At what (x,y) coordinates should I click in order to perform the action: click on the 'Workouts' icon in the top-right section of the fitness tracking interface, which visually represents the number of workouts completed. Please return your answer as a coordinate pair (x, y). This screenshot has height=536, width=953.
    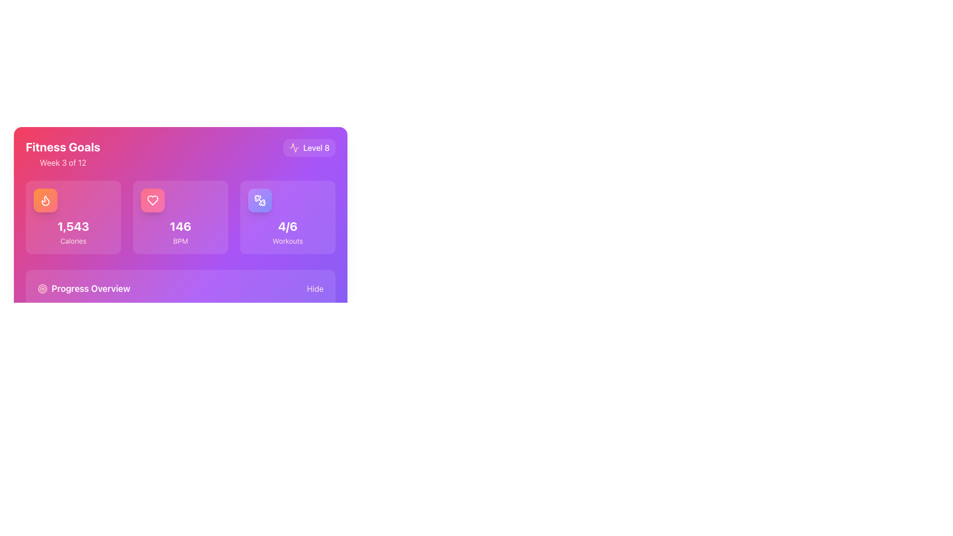
    Looking at the image, I should click on (260, 201).